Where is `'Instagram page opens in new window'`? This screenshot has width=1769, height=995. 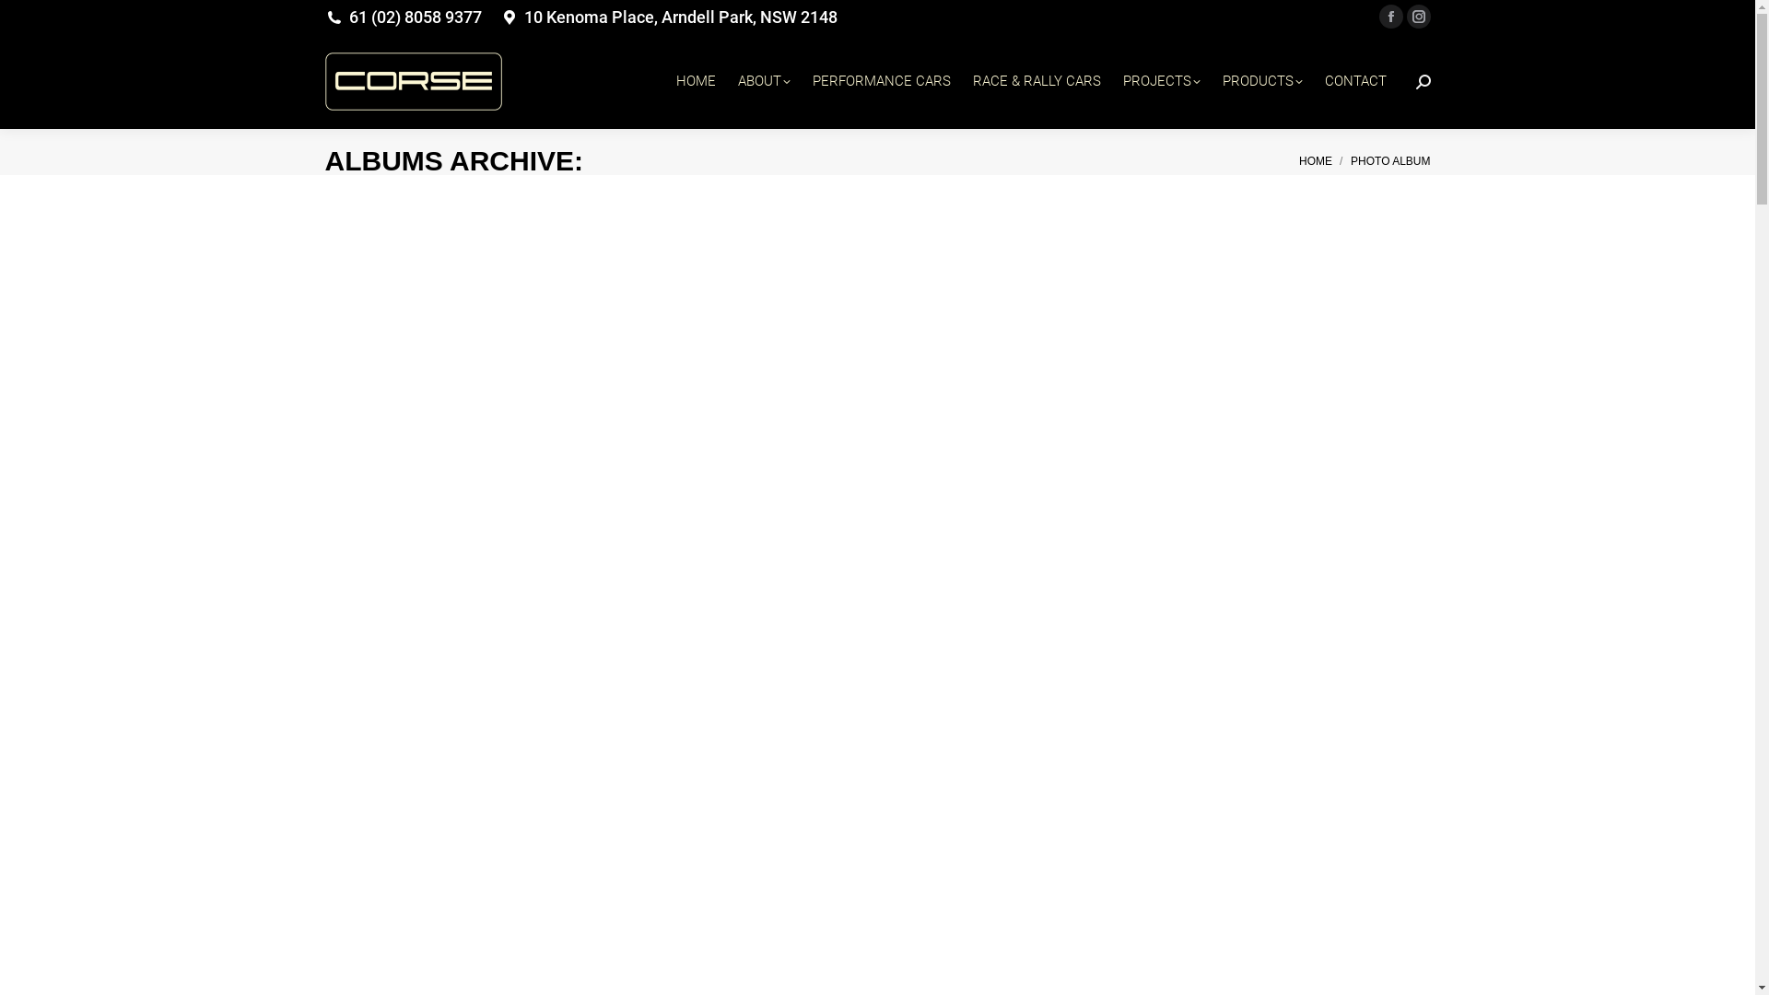 'Instagram page opens in new window' is located at coordinates (1417, 17).